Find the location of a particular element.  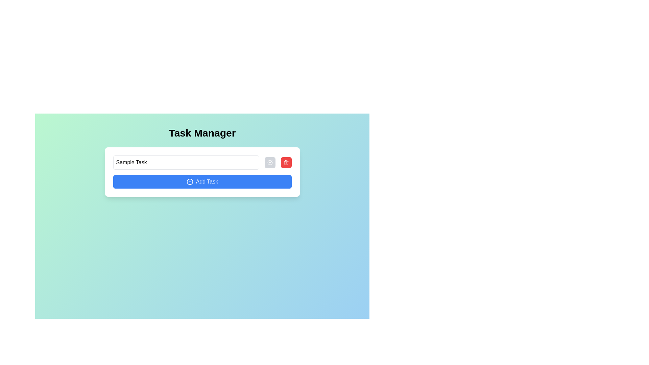

the 'Add Task' button, which is the last button in a white card with rounded corners is located at coordinates (202, 181).